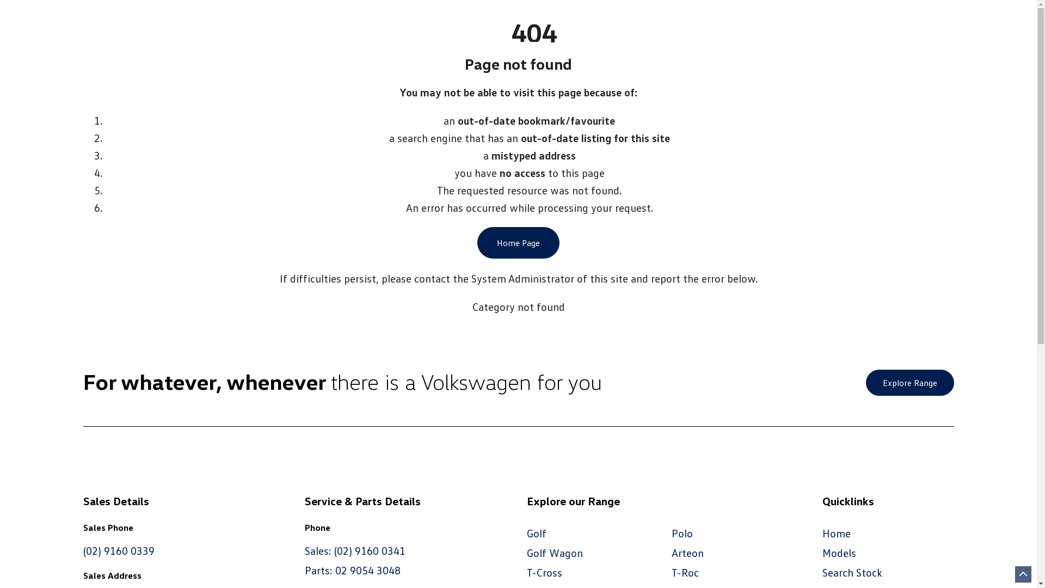 Image resolution: width=1045 pixels, height=588 pixels. Describe the element at coordinates (835, 532) in the screenshot. I see `'Home'` at that location.